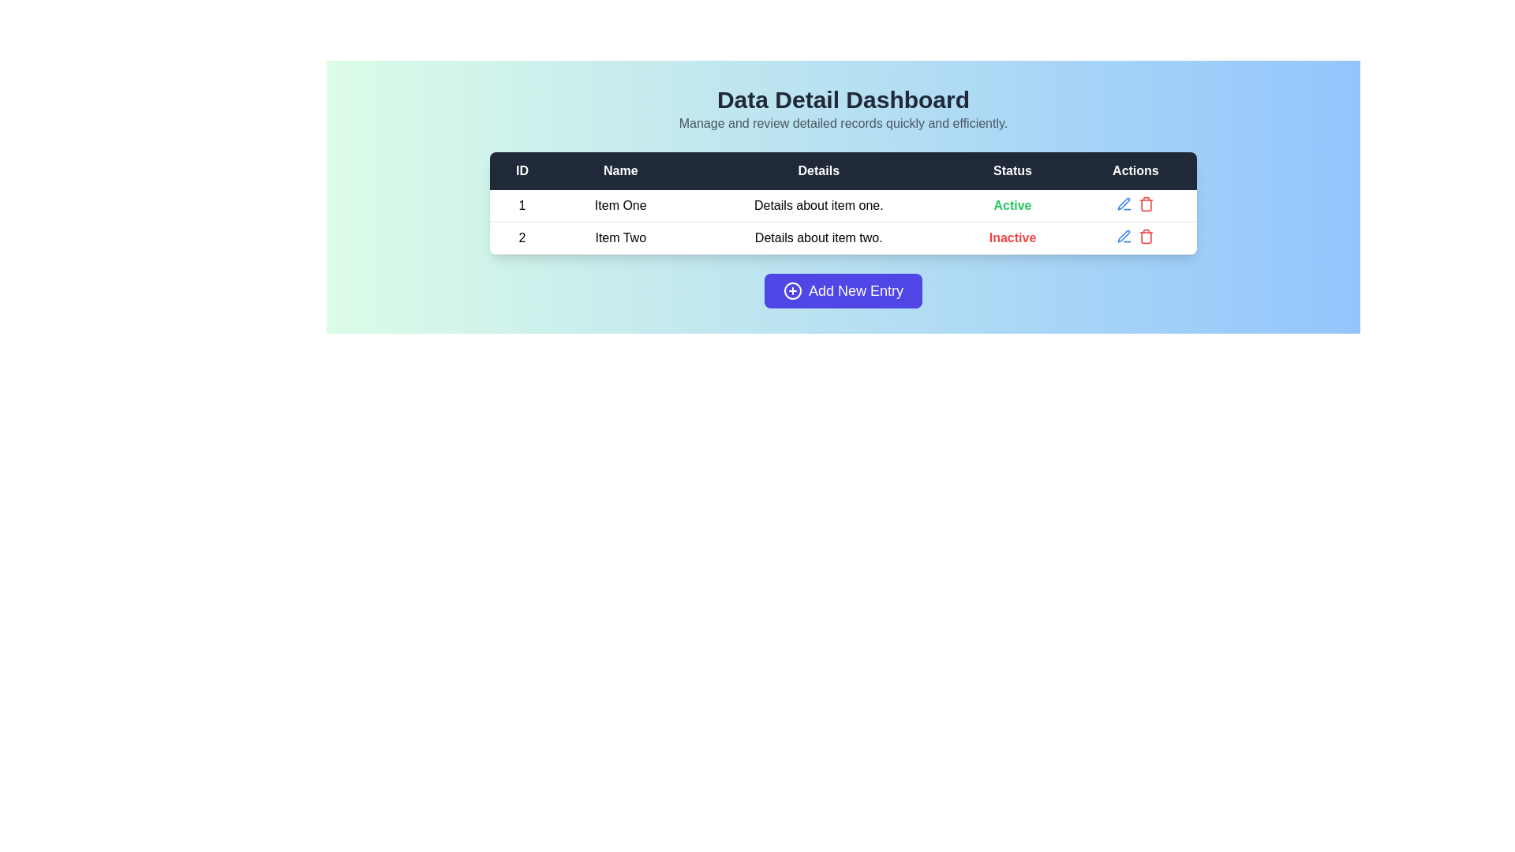  What do you see at coordinates (1135, 237) in the screenshot?
I see `the trash bin icon in the Button group of the 'Actions' column for 'Item Two'` at bounding box center [1135, 237].